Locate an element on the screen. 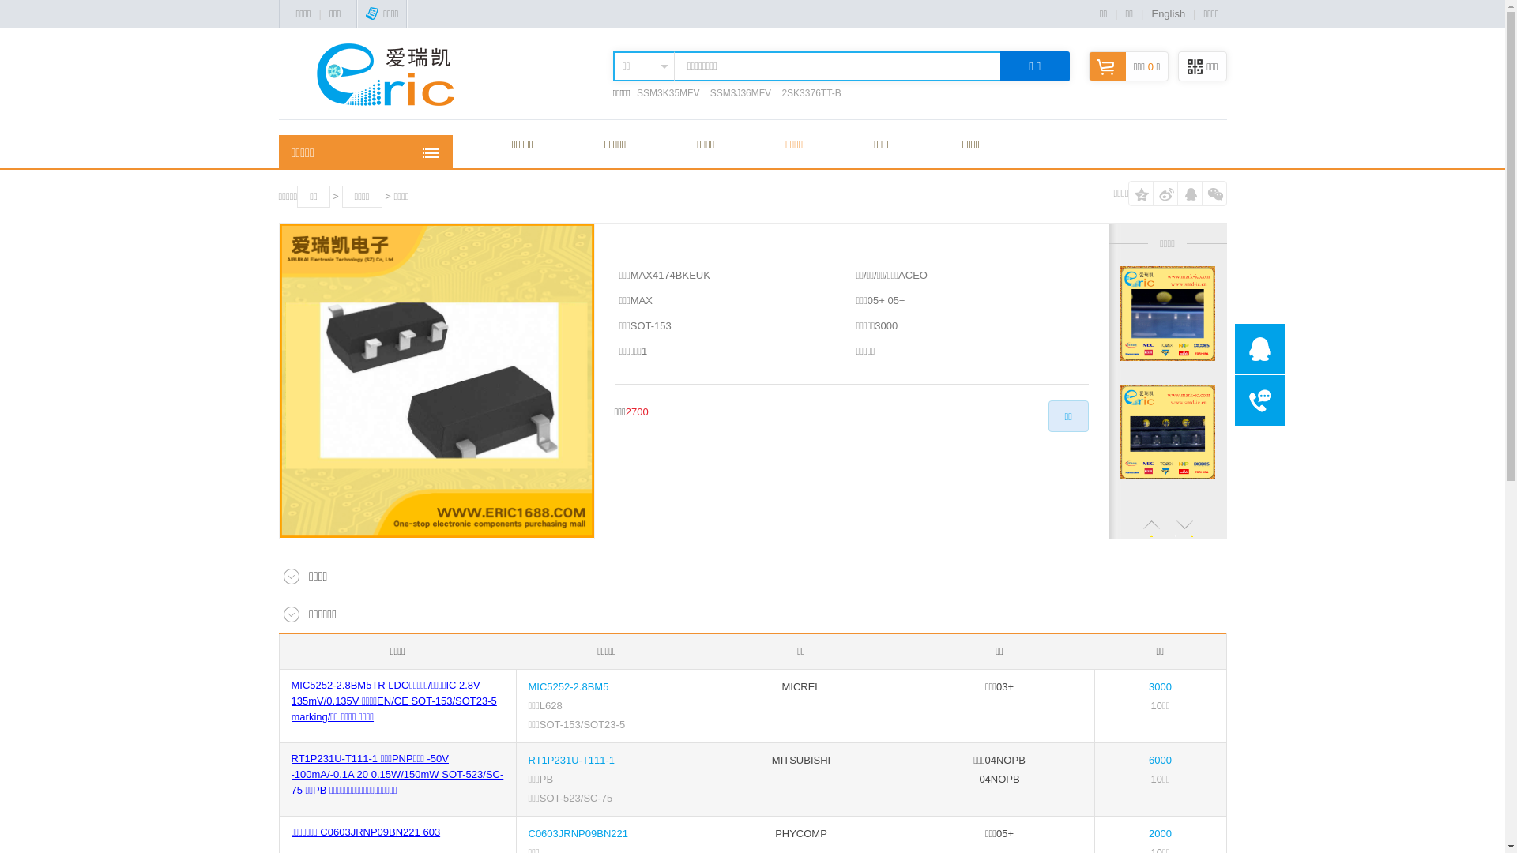 This screenshot has height=853, width=1517. 'English' is located at coordinates (1168, 13).